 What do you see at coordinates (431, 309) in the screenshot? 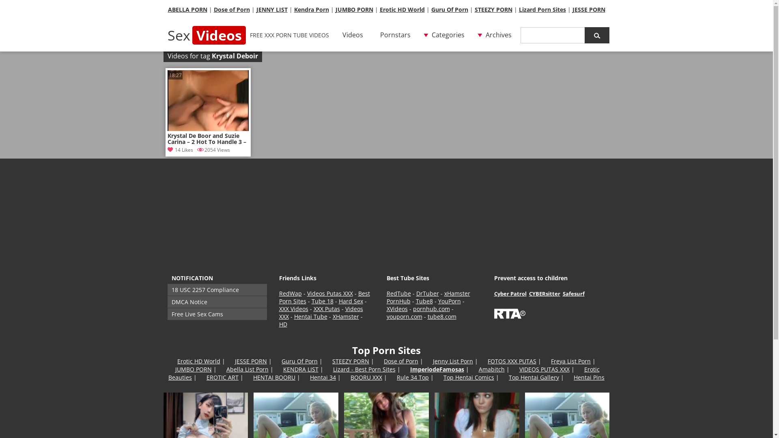
I see `'pornhub.com'` at bounding box center [431, 309].